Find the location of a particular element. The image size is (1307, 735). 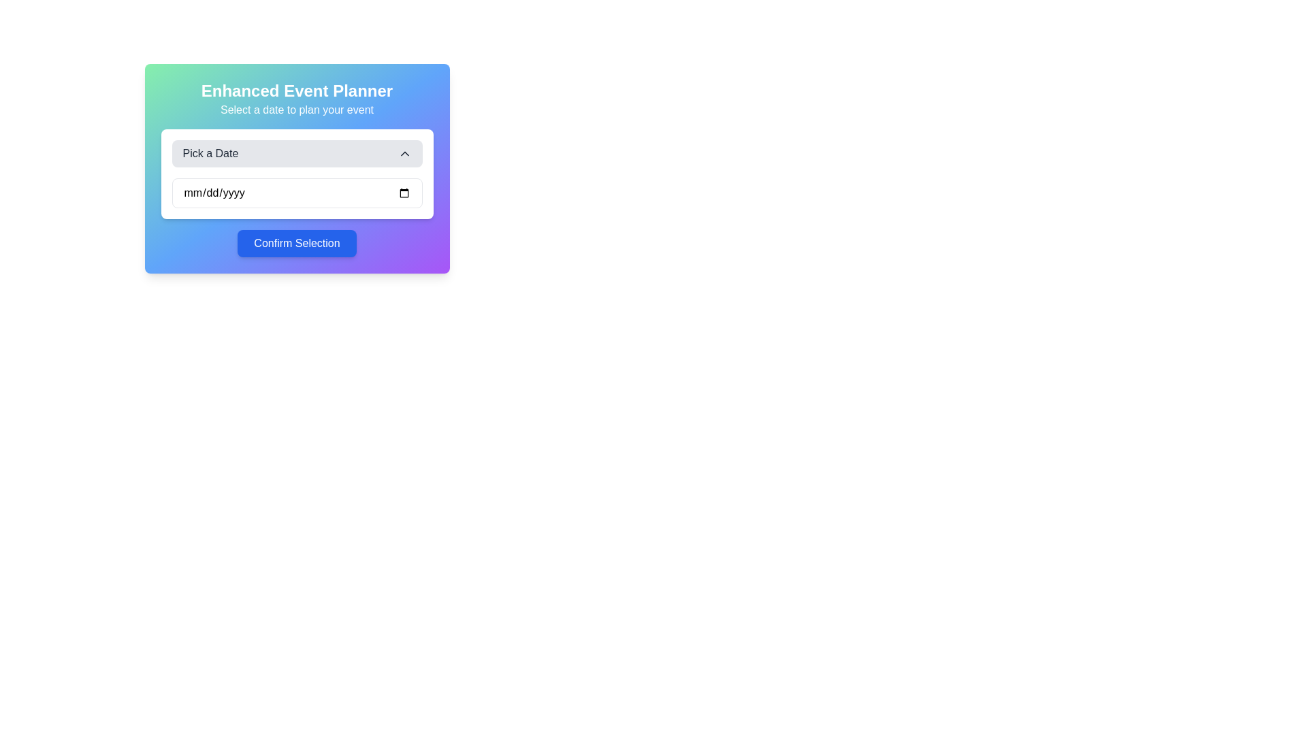

the confirm button located near the bottom of the centered dialog box, directly below the 'Pick a Date' text input field, to change its style is located at coordinates (296, 243).